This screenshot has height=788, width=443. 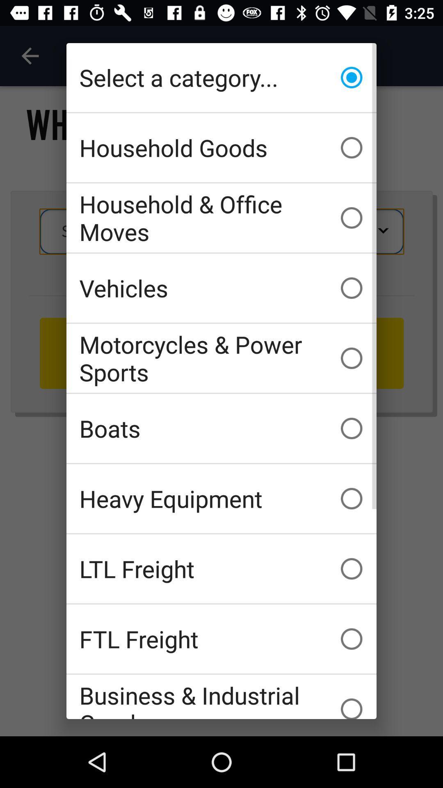 I want to click on the ftl freight, so click(x=221, y=638).